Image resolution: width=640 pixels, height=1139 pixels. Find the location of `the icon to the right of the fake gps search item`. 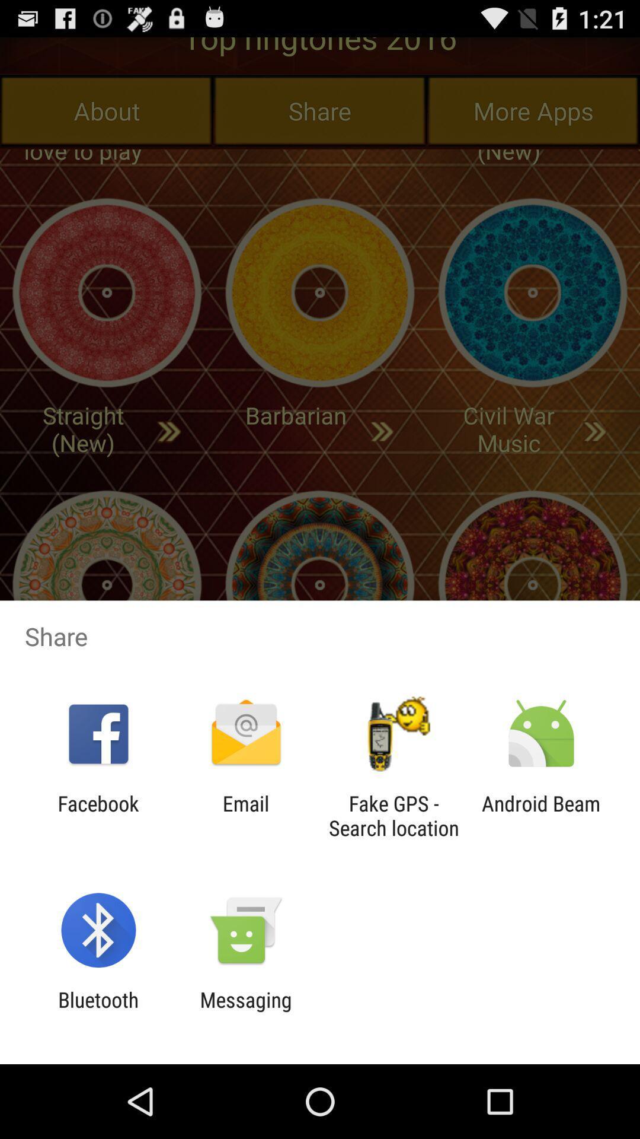

the icon to the right of the fake gps search item is located at coordinates (541, 815).